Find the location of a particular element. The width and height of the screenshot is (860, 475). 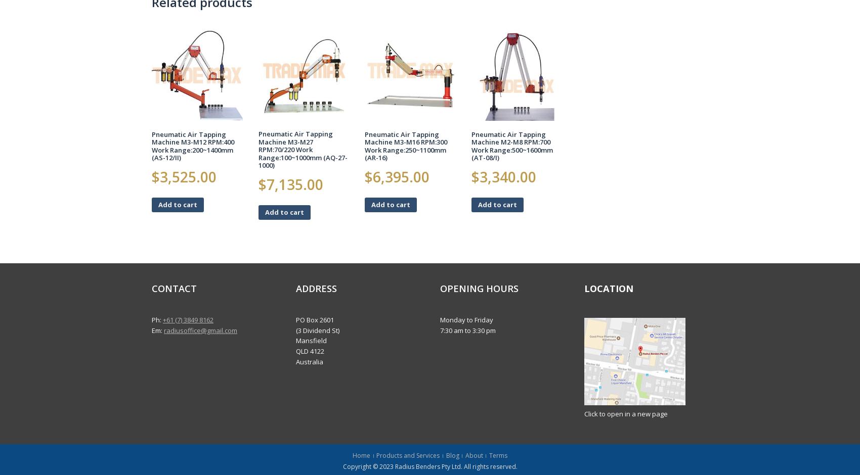

'Pneumatic Air Tapping Machine M2-M8 RPM:700 Work Range:500~1600mm (AT-08/I)' is located at coordinates (511, 145).